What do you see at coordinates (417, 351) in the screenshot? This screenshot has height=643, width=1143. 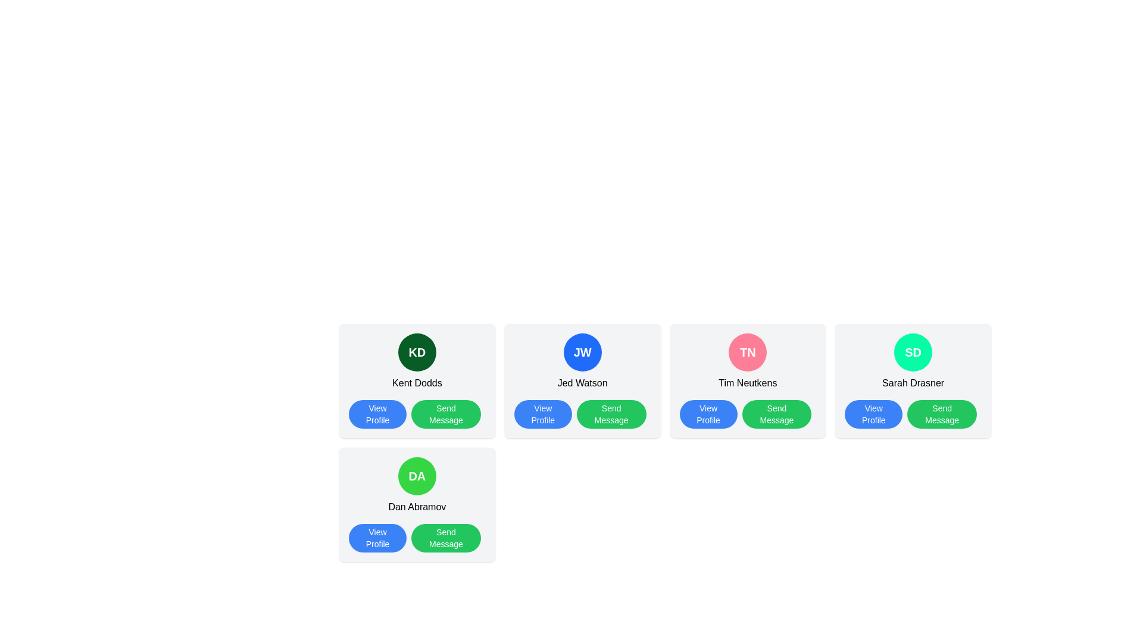 I see `the avatar element representing the user 'Kent Dodds', which is centrally positioned above the textual content 'Kent Dodds'` at bounding box center [417, 351].